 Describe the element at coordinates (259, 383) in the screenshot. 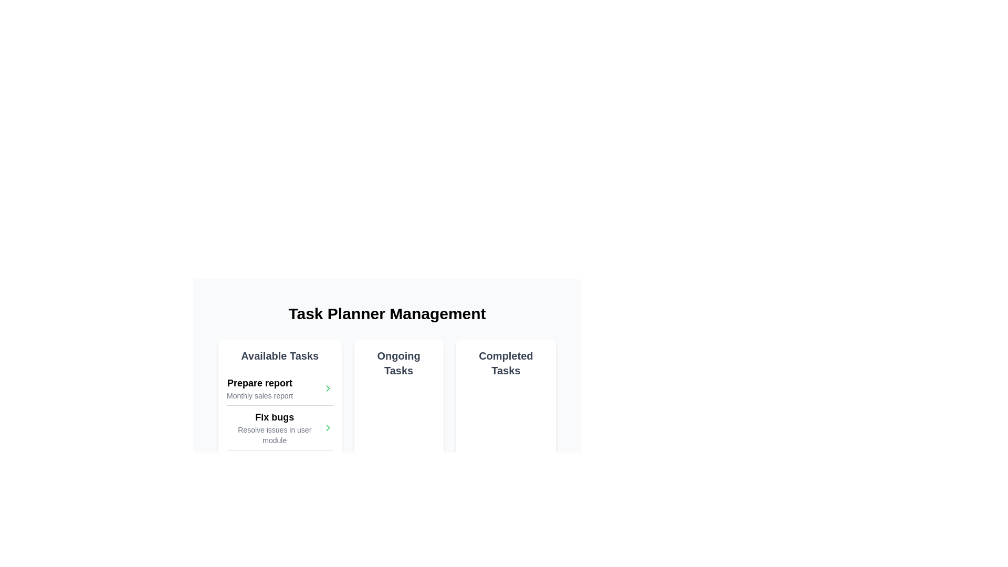

I see `the 'Prepare report' text label, which serves as the title for the task within the 'Available Tasks' section, located at the top of the section and above the 'Monthly sales report' description` at that location.